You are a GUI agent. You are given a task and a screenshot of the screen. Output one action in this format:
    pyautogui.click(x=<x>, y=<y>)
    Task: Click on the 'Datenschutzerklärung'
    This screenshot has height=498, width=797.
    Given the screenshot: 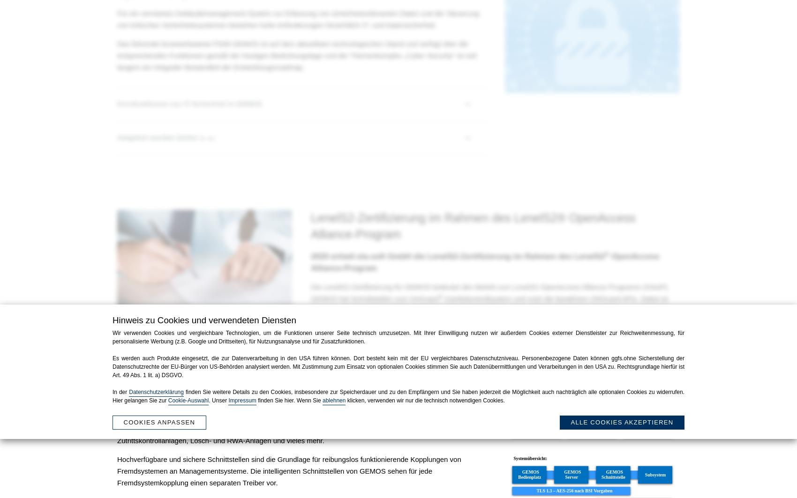 What is the action you would take?
    pyautogui.click(x=156, y=392)
    